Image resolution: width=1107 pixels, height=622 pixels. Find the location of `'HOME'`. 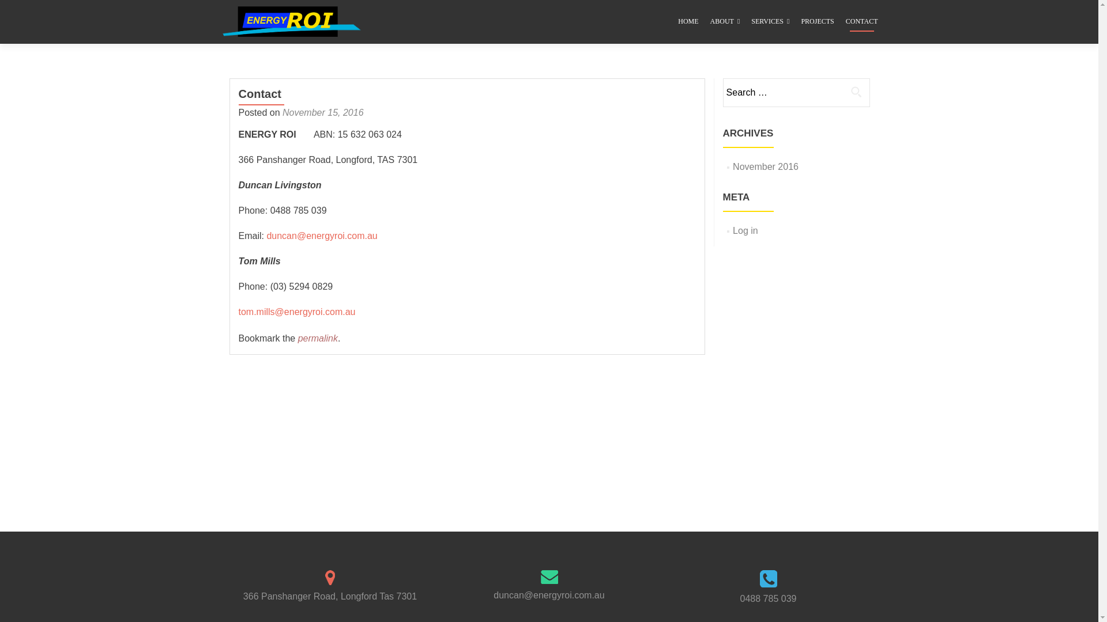

'HOME' is located at coordinates (688, 21).